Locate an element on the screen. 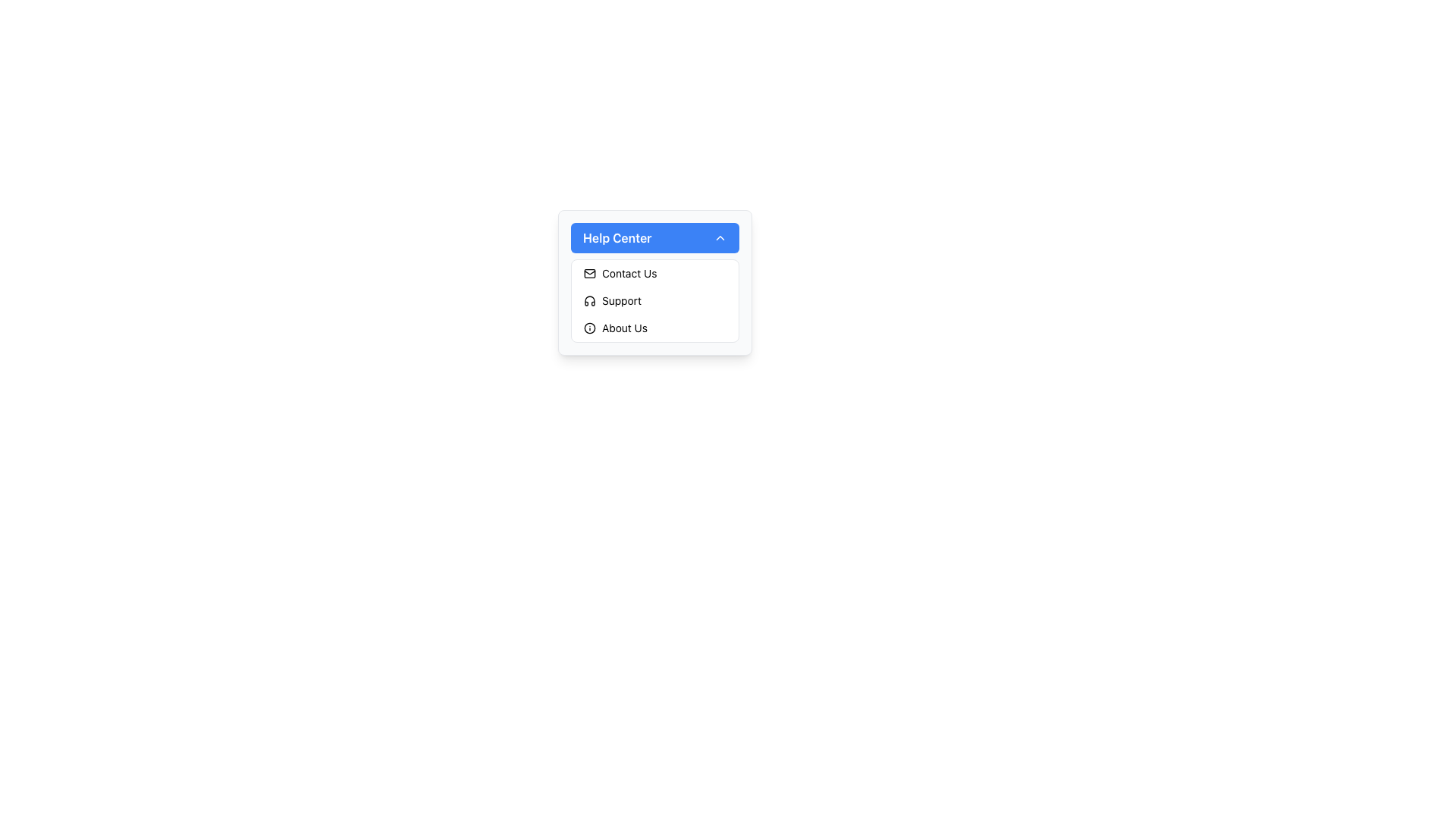 The width and height of the screenshot is (1456, 819). the mail-like icon, which is the first icon in the 'Contact Us' row under the 'Help Center' dropdown menu, located to the left of the 'Contact Us' text label is located at coordinates (588, 274).